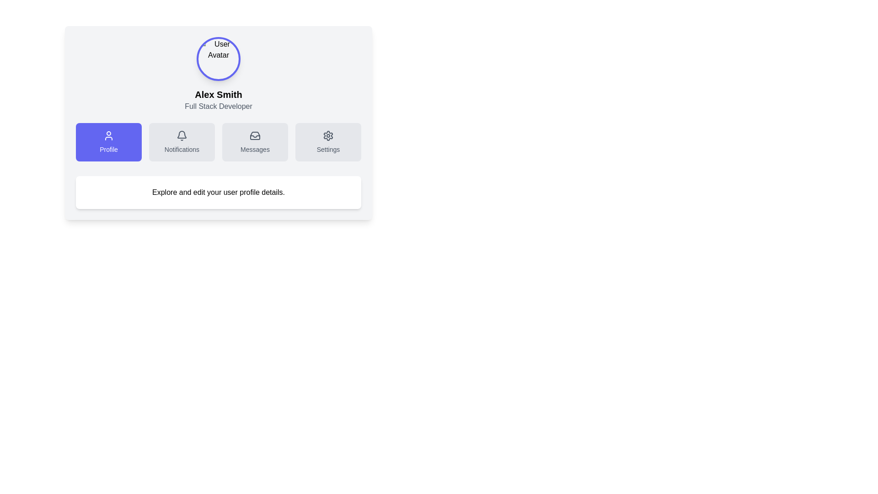 The width and height of the screenshot is (878, 494). What do you see at coordinates (109, 142) in the screenshot?
I see `the appearance change of the Profile button, which is a rectangular button with rounded corners and a blue background, located in the top-left position of its group` at bounding box center [109, 142].